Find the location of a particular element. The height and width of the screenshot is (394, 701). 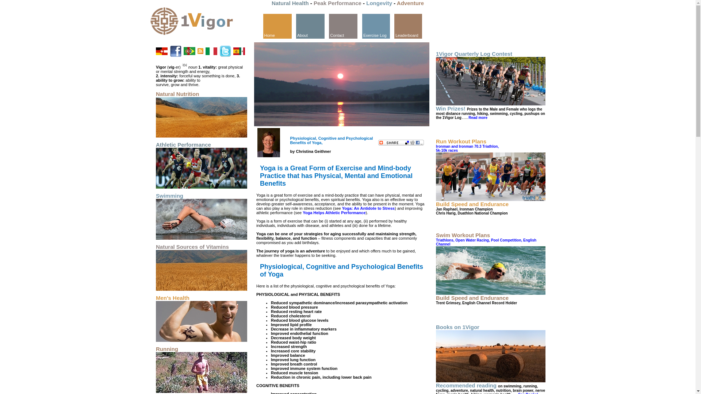

'Leaderboard' is located at coordinates (408, 26).